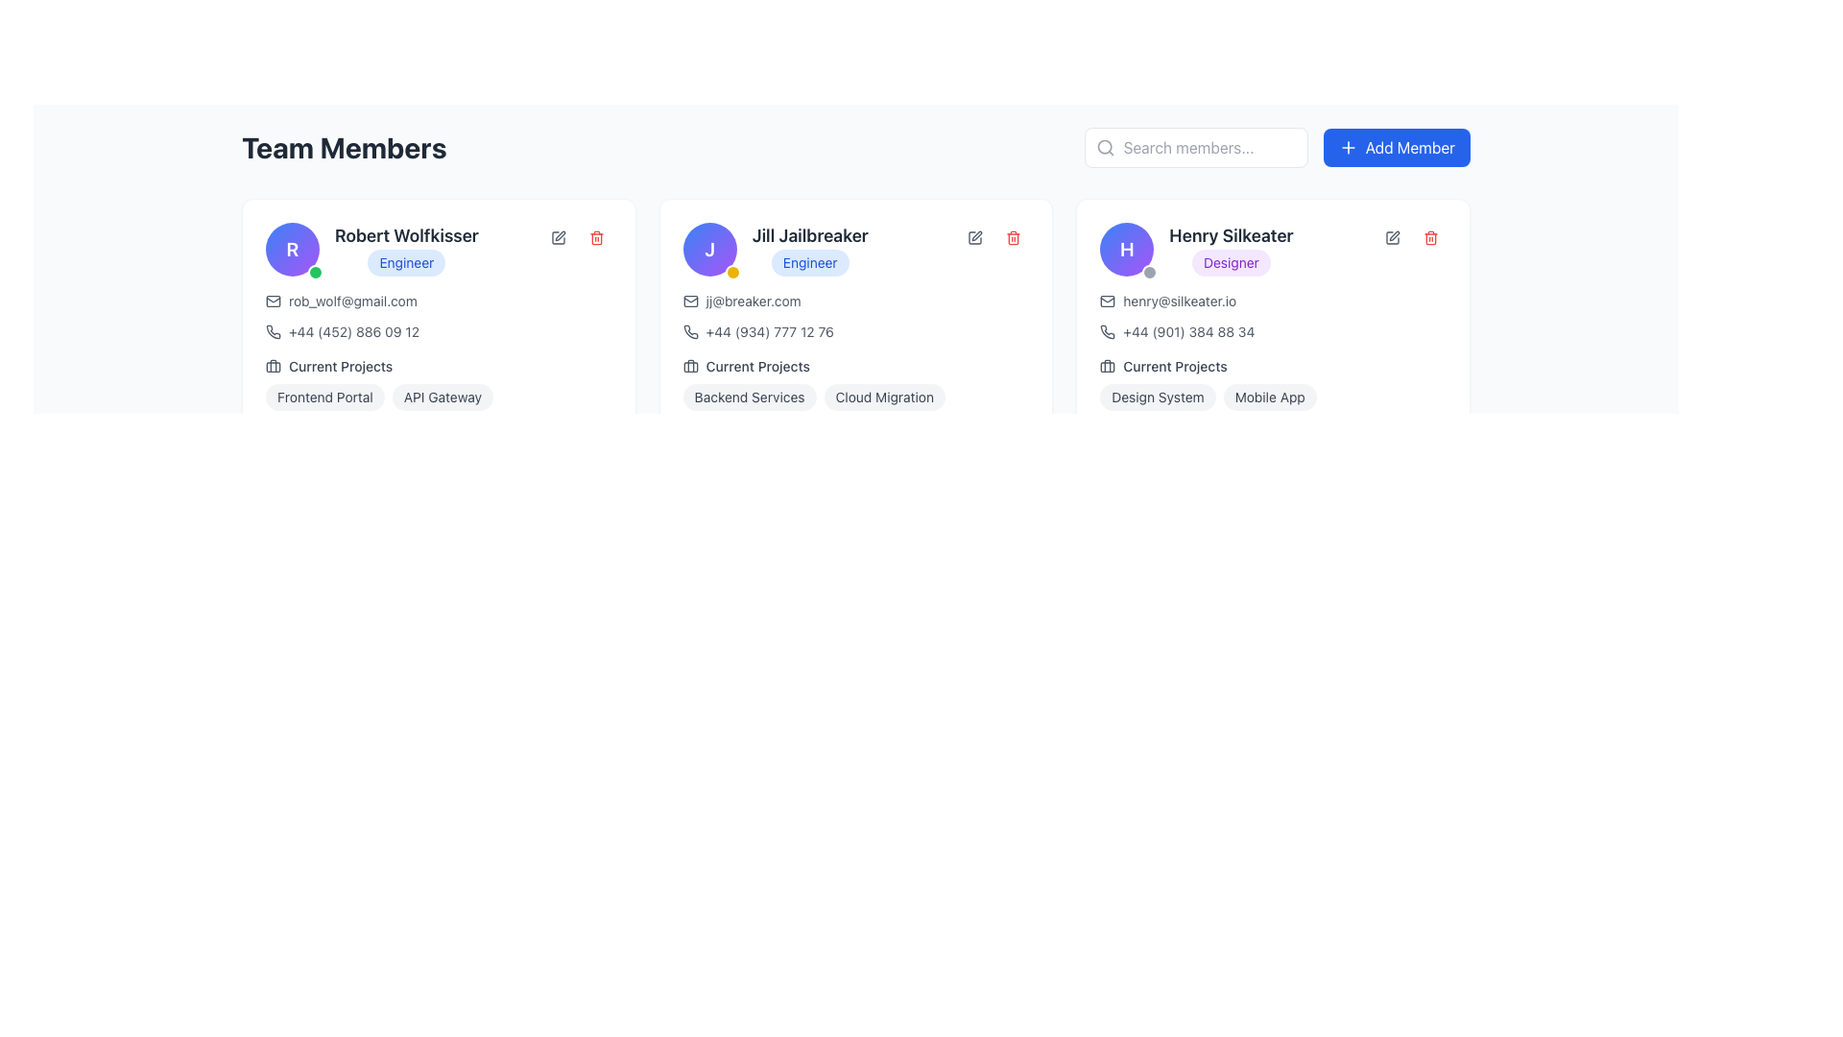 This screenshot has height=1037, width=1843. Describe the element at coordinates (272, 331) in the screenshot. I see `the phone icon represented in a monochrome line style next to the phone number '+44 (452) 886 09 12' for 'Robert Wolfkisser'` at that location.